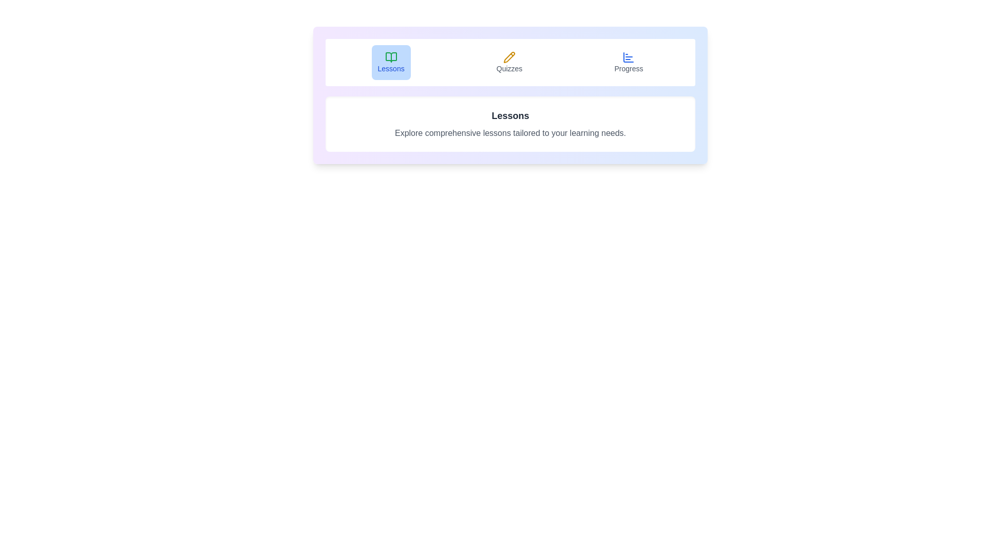 The height and width of the screenshot is (554, 986). Describe the element at coordinates (390, 63) in the screenshot. I see `the Lessons tab by clicking on its button` at that location.